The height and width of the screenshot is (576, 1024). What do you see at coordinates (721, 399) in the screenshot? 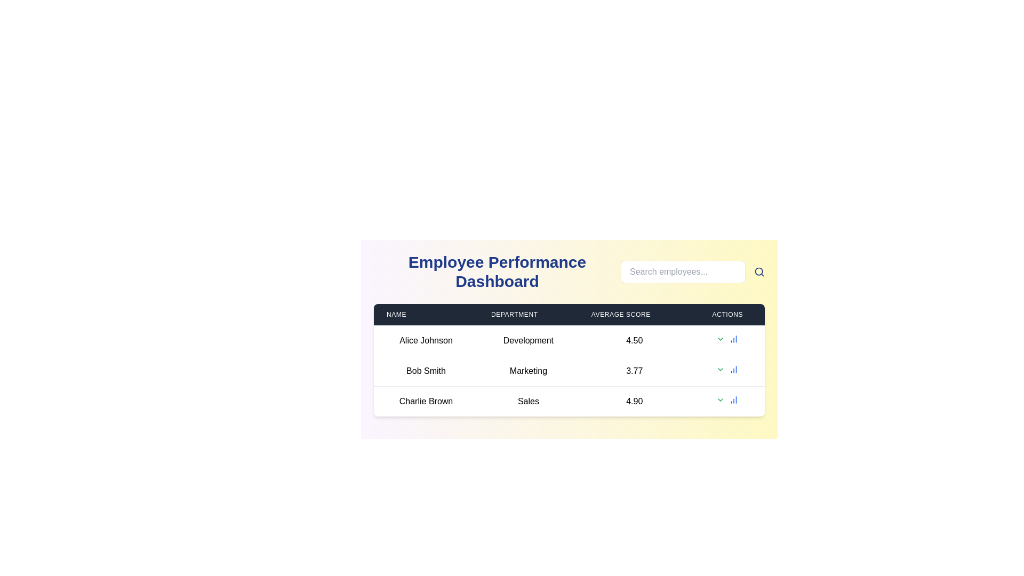
I see `the button-like chevron icon located in the 'Actions' column for 'Charlie Brown'` at bounding box center [721, 399].